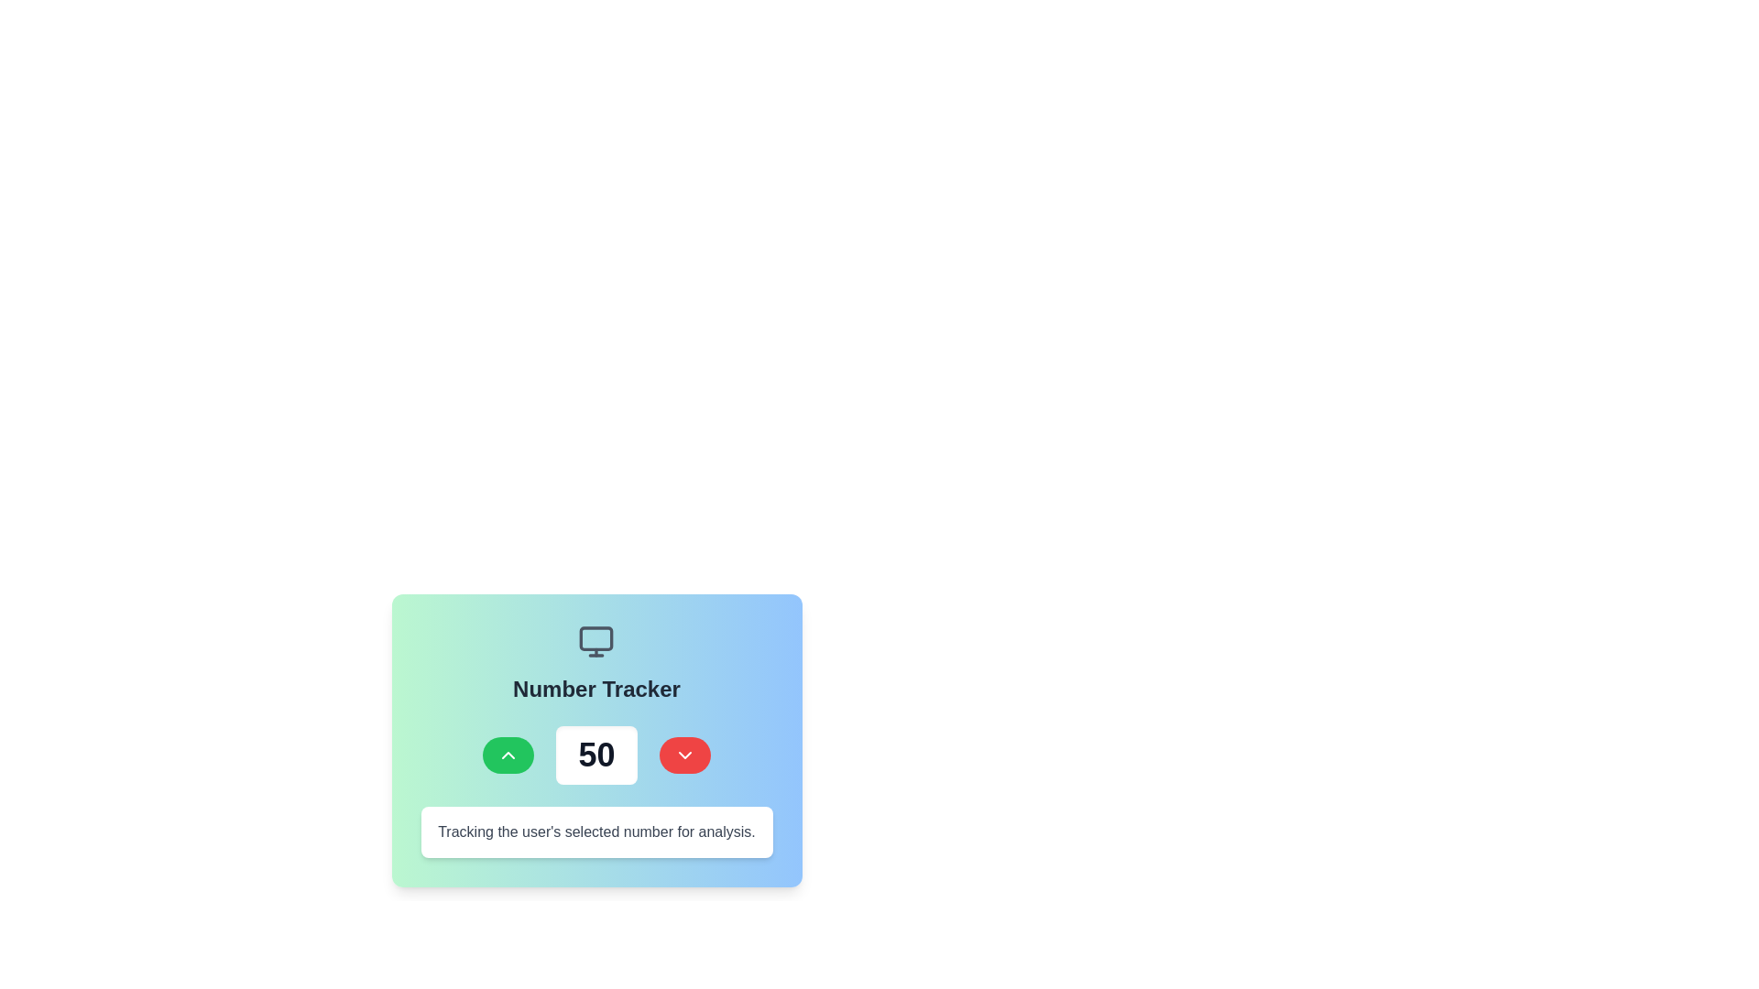 The height and width of the screenshot is (989, 1759). Describe the element at coordinates (683, 755) in the screenshot. I see `the decrement button located to the right of the number display '50'` at that location.